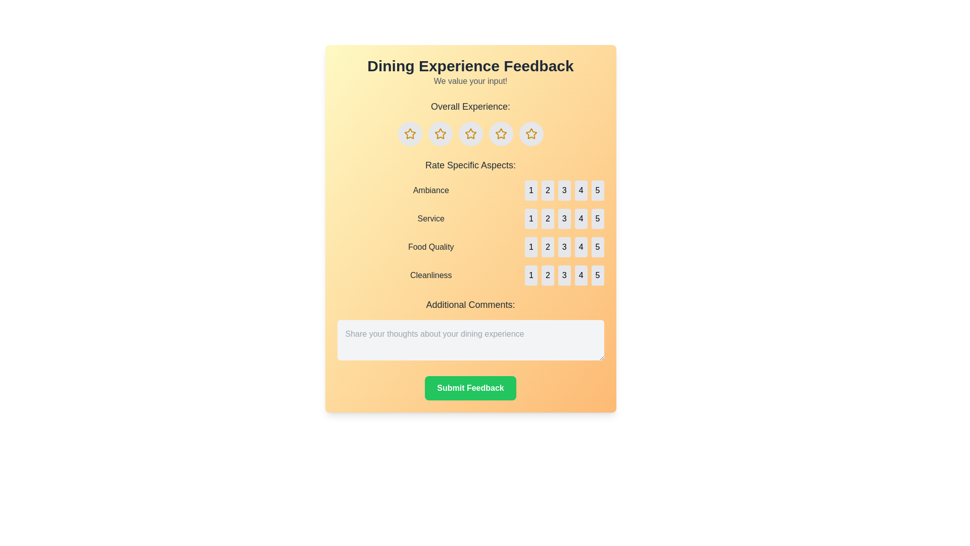 The image size is (970, 546). I want to click on the light gray text input box with rounded corners, located in the 'Additional Comments' section, to focus and activate the text input, so click(470, 340).